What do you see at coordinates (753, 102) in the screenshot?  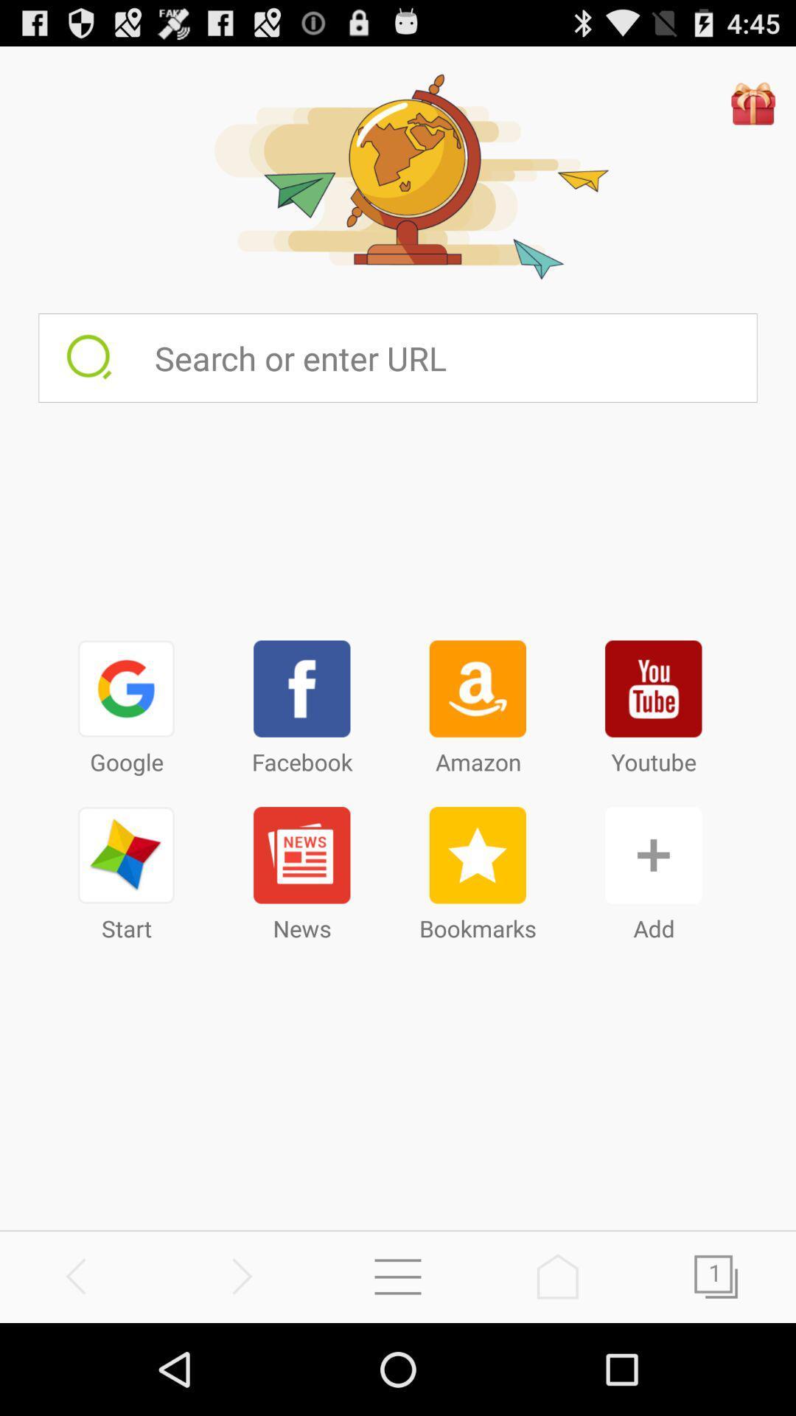 I see `gift hambor` at bounding box center [753, 102].